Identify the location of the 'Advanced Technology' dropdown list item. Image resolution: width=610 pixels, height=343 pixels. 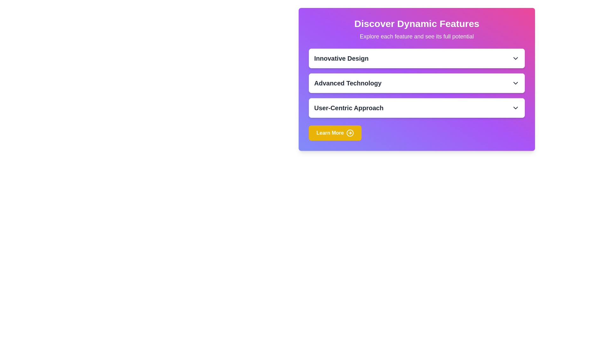
(417, 83).